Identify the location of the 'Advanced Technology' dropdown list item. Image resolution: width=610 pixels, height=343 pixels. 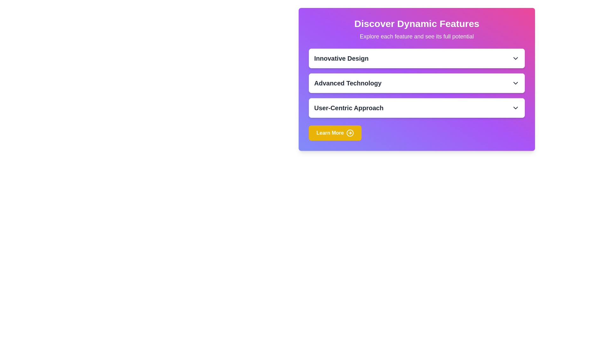
(417, 83).